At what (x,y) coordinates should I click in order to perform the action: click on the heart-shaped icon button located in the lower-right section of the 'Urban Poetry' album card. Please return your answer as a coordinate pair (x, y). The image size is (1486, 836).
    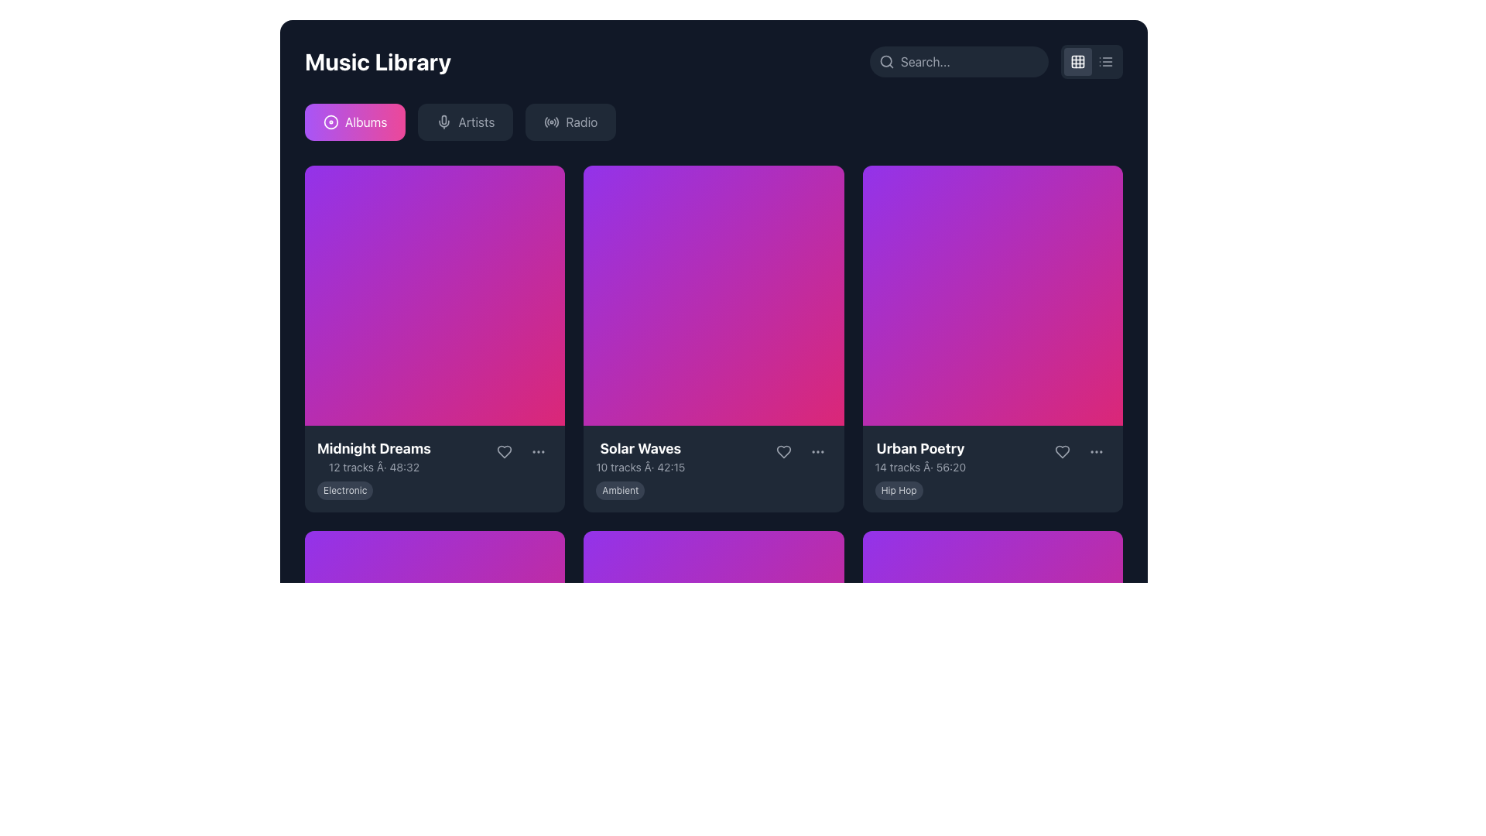
    Looking at the image, I should click on (1061, 451).